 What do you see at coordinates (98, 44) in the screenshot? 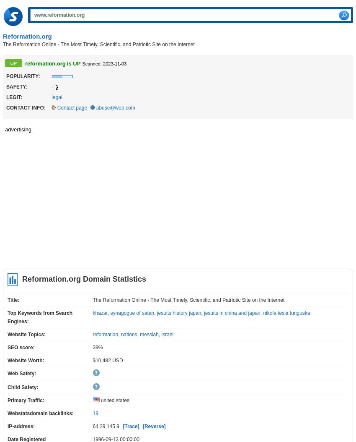
I see `'The Reformation Online - The Most Timely, Scientific, and Patriotic Site on the Internet'` at bounding box center [98, 44].